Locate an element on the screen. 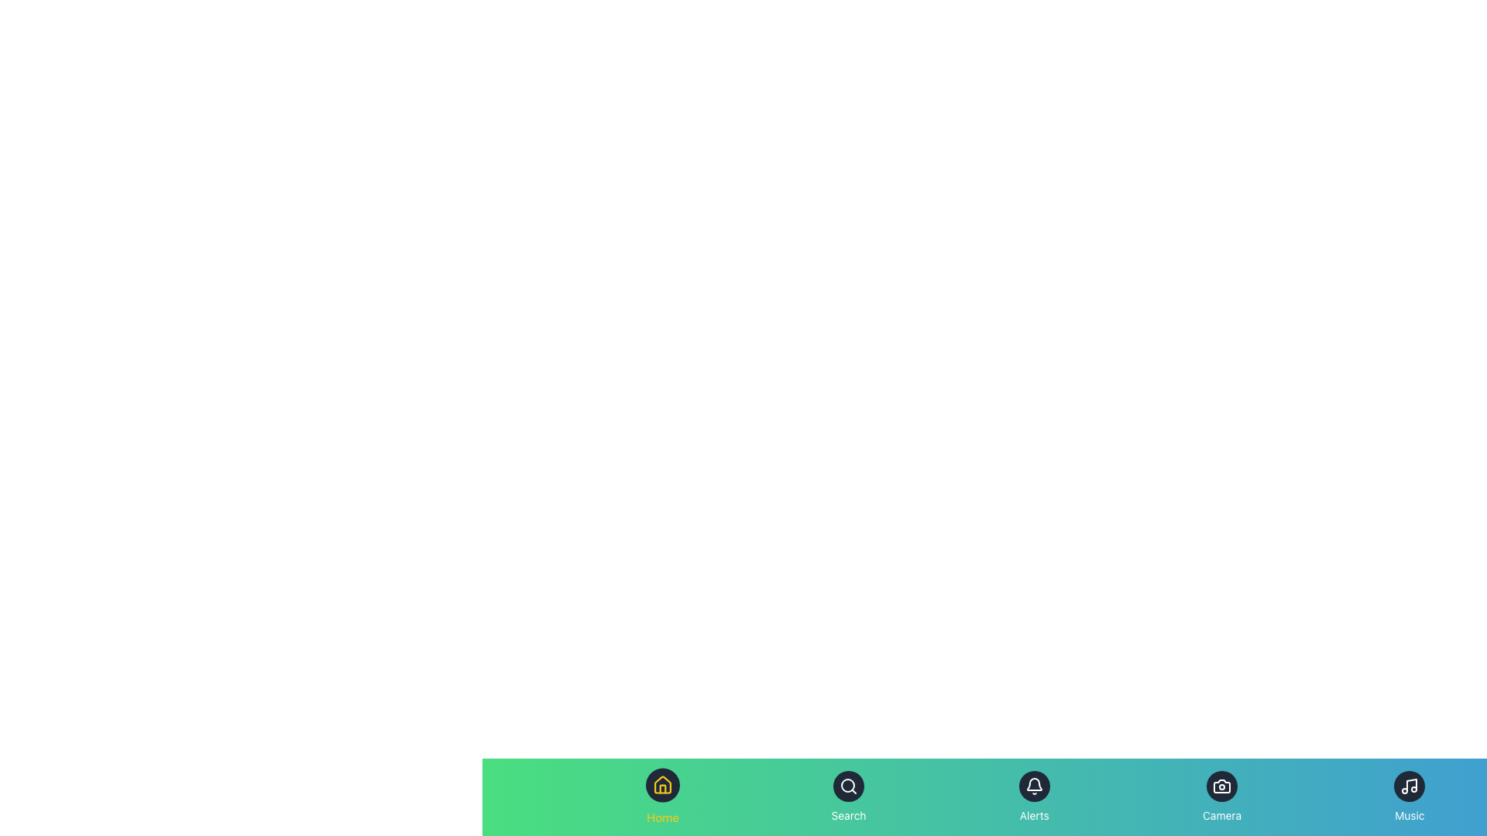  the 'Camera' icon located centrally within the 'Camera' button area is located at coordinates (1221, 786).